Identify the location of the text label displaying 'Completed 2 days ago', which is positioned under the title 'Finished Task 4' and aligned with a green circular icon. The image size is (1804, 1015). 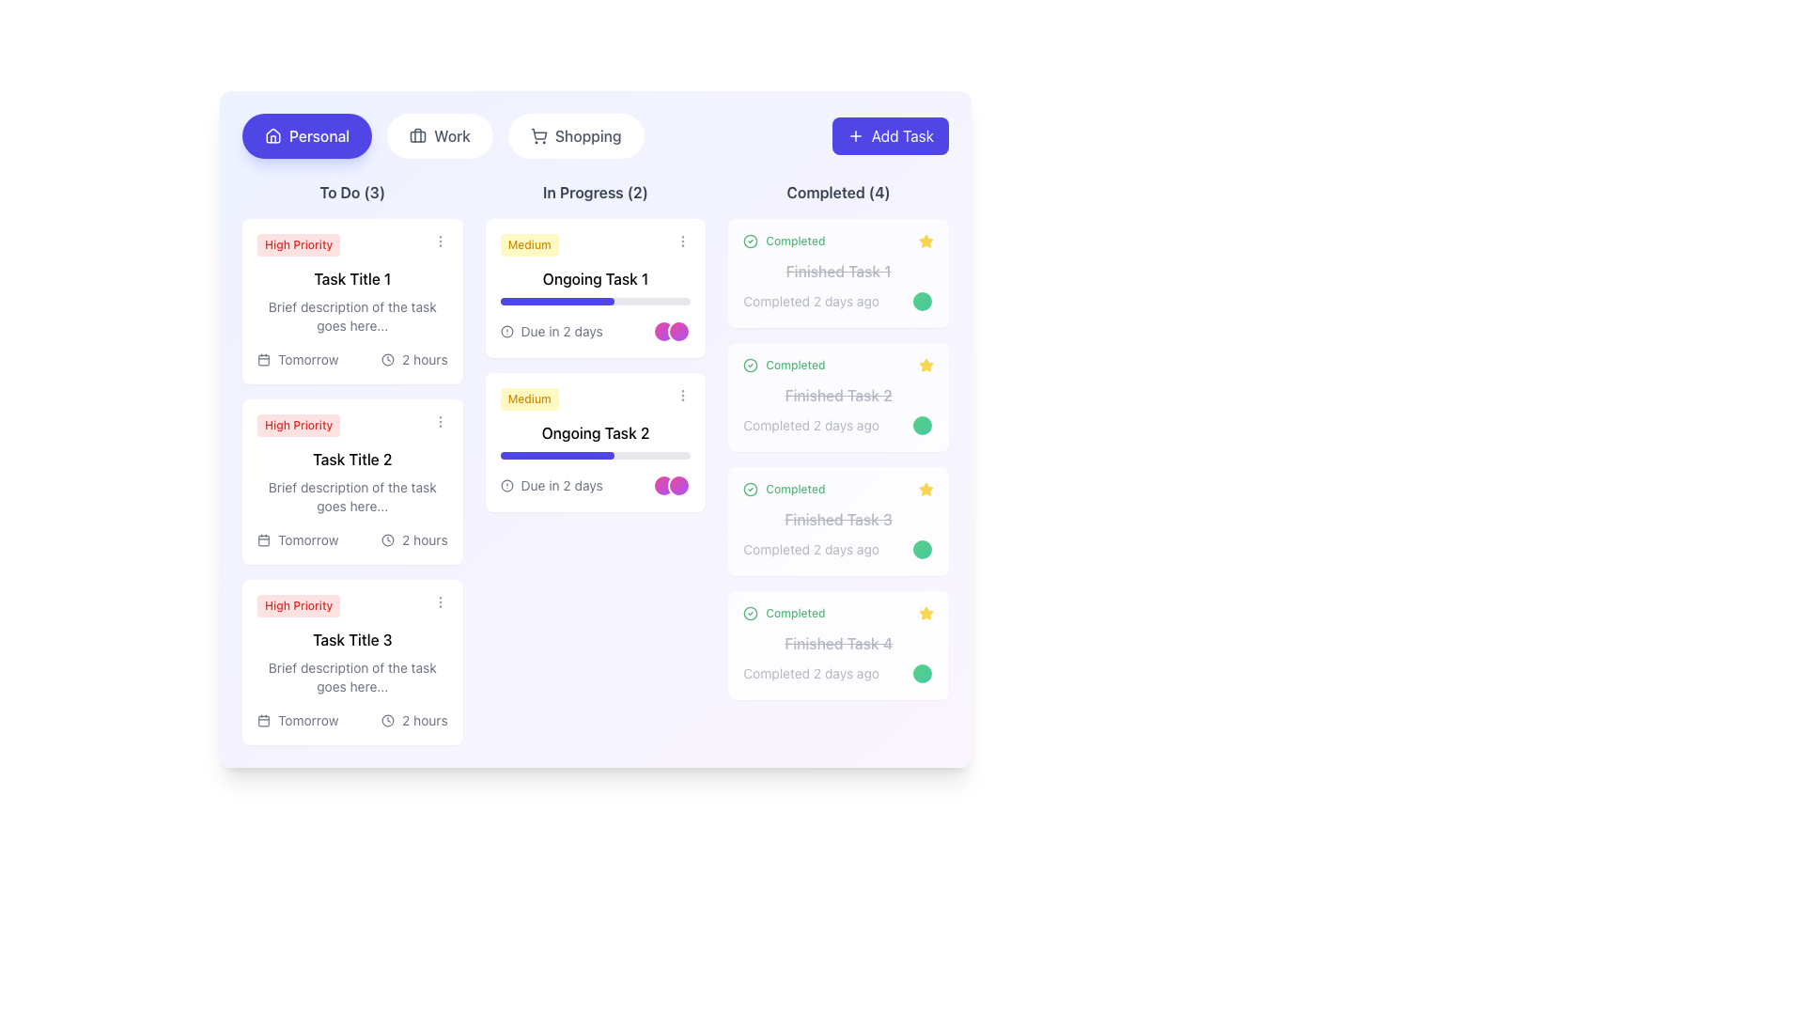
(811, 673).